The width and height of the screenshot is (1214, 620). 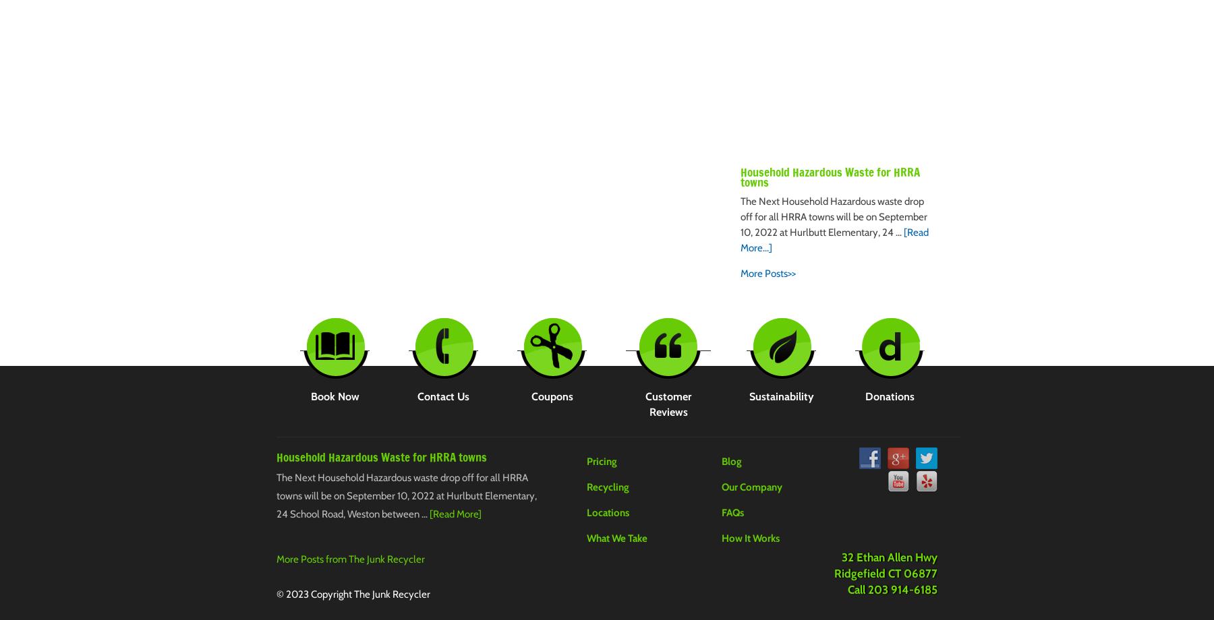 What do you see at coordinates (834, 239) in the screenshot?
I see `'[Read More...]'` at bounding box center [834, 239].